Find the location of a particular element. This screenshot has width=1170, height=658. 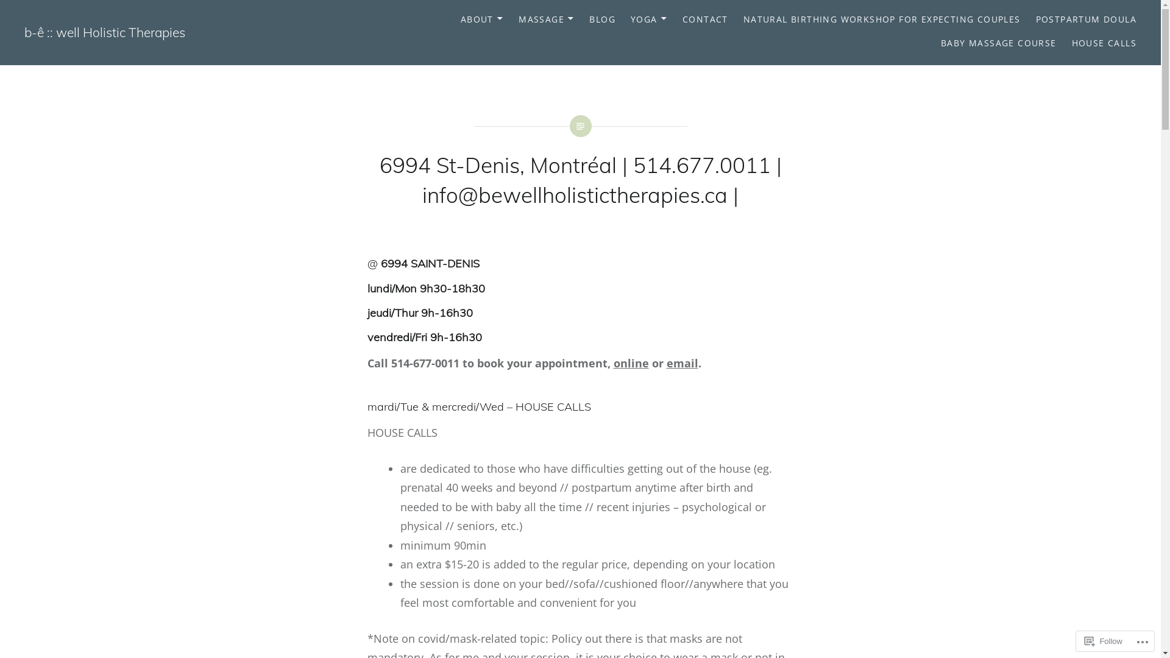

'BLOG' is located at coordinates (589, 19).